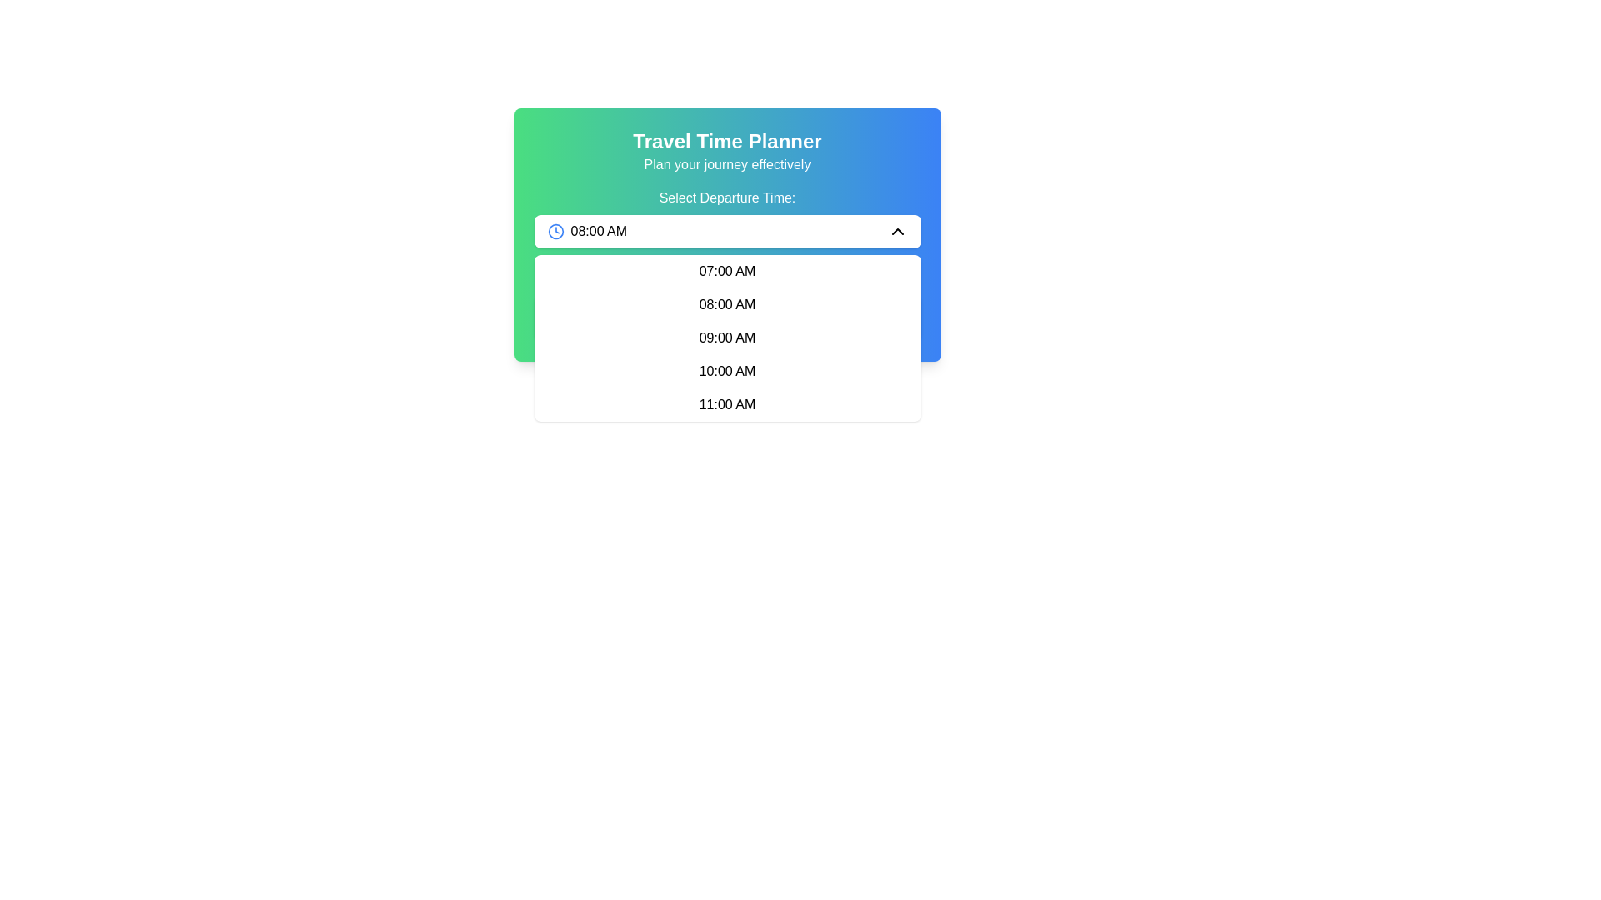 The height and width of the screenshot is (900, 1601). What do you see at coordinates (727, 337) in the screenshot?
I see `the 09:00 AM option in the dropdown menu located beneath the 'Select Departure Time' input field` at bounding box center [727, 337].